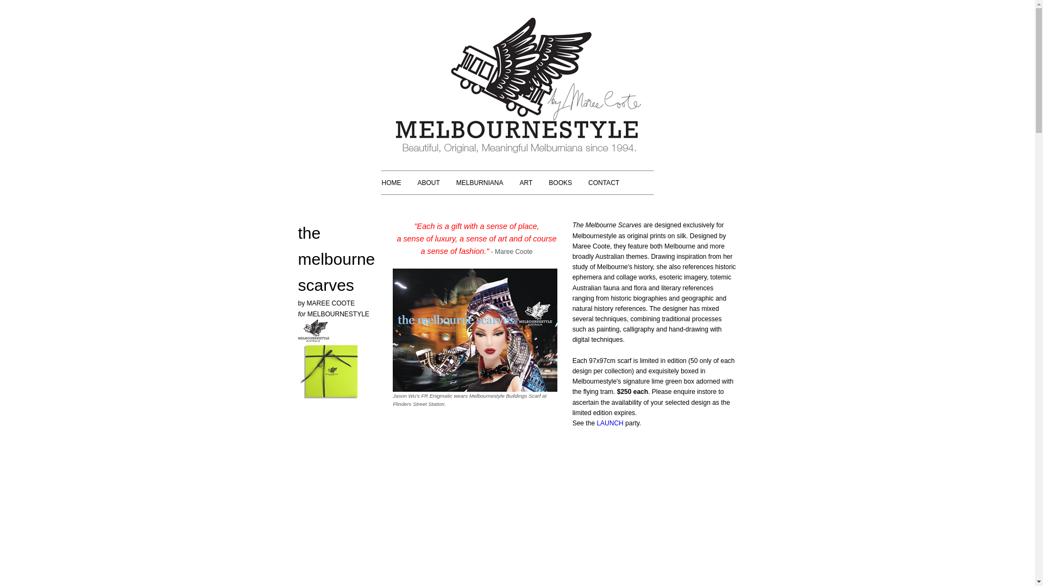  Describe the element at coordinates (428, 182) in the screenshot. I see `'ABOUT'` at that location.